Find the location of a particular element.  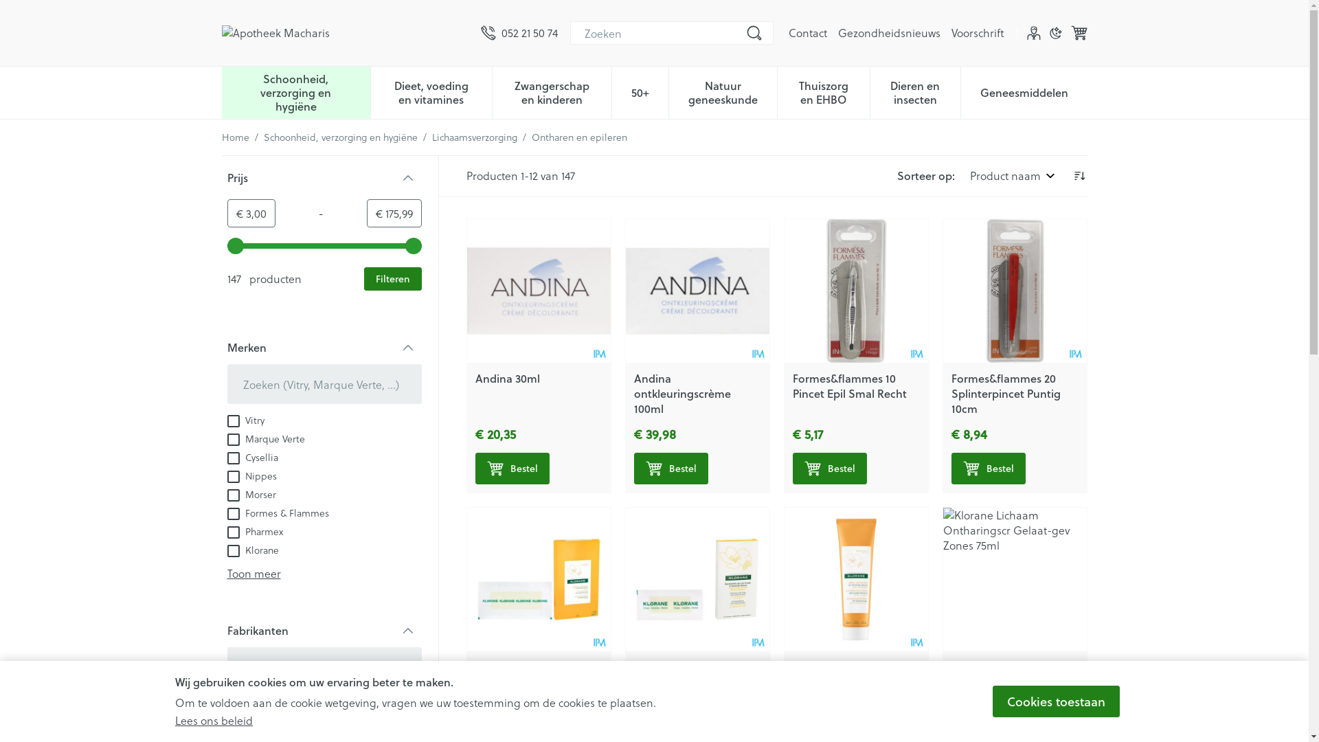

'Vitry' is located at coordinates (245, 418).